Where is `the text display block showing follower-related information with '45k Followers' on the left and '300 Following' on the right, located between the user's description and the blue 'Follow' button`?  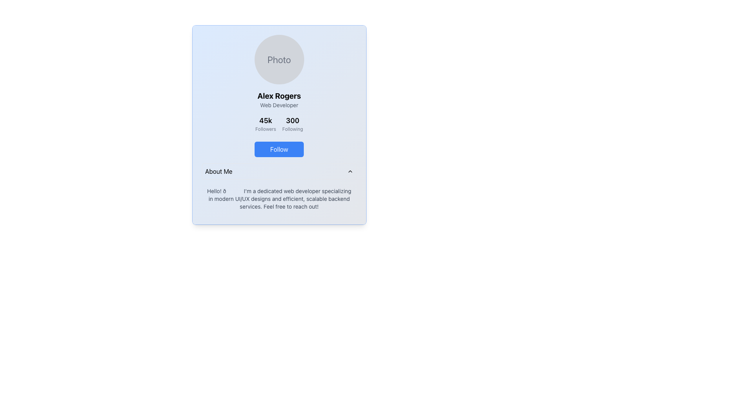 the text display block showing follower-related information with '45k Followers' on the left and '300 Following' on the right, located between the user's description and the blue 'Follow' button is located at coordinates (279, 123).